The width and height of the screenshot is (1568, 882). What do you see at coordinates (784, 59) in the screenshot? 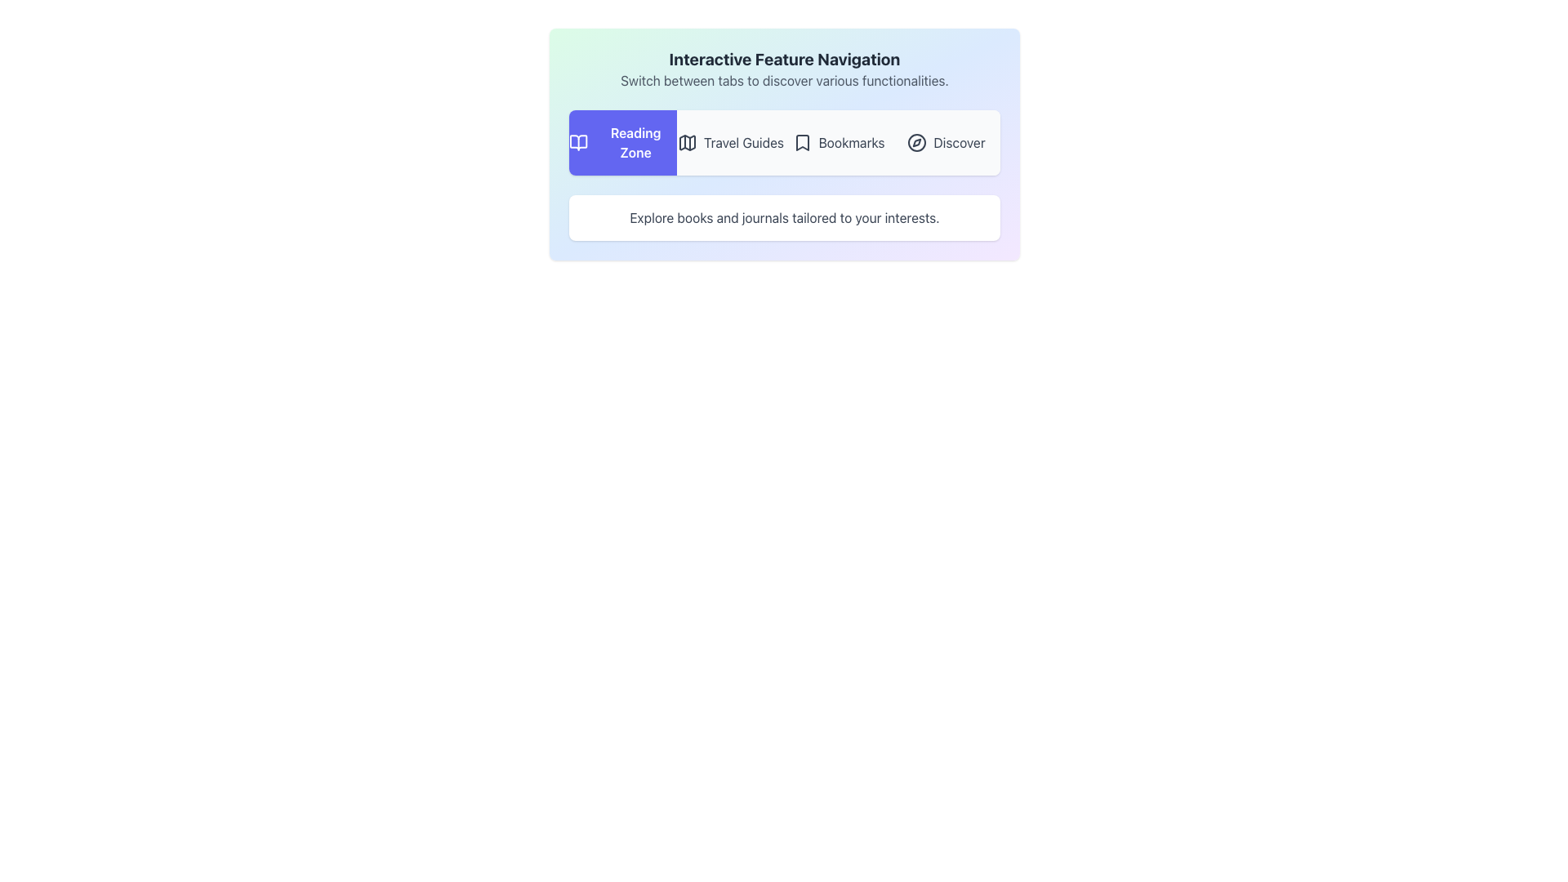
I see `text label that serves as the title for the section, positioned at the upper part of the interface, above the text 'Switch between tabs to discover various functionalities.'` at bounding box center [784, 59].